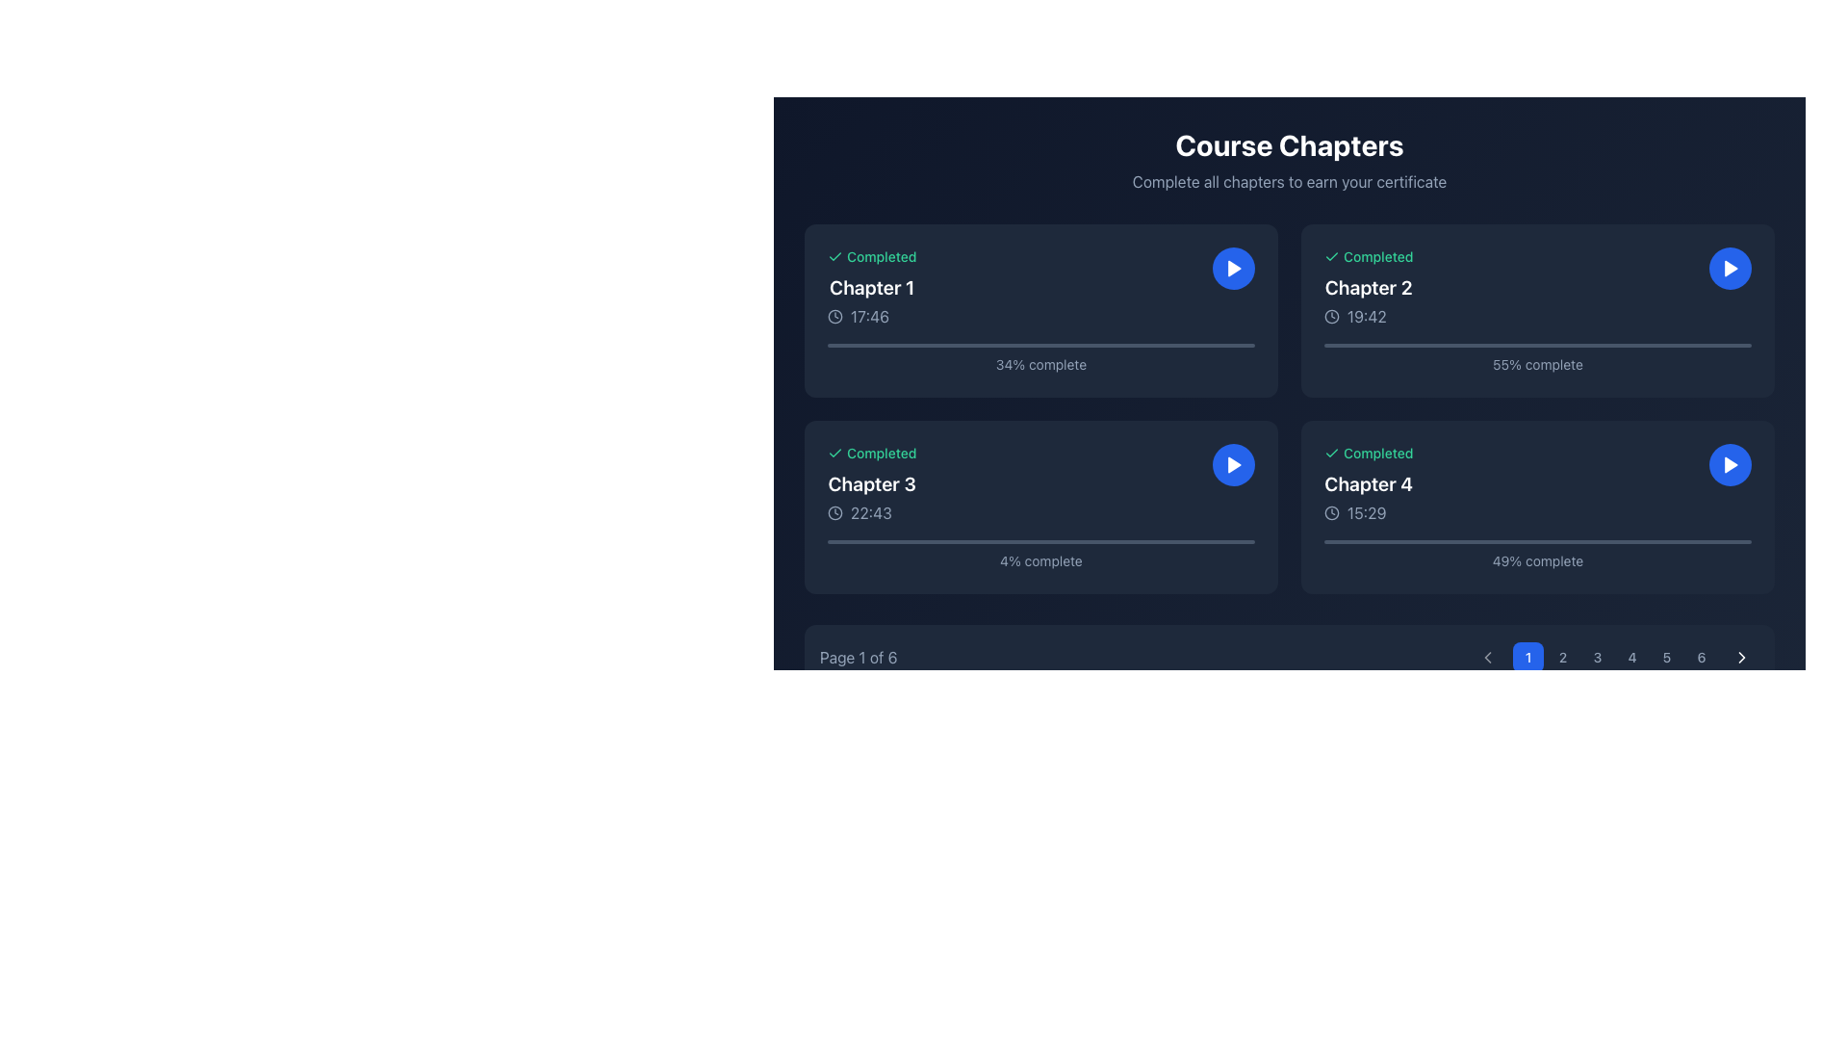  Describe the element at coordinates (858, 656) in the screenshot. I see `the text display showing 'Page 1 of 6', which is styled in light gray text against a dark background and located at the bottom-left corner of the interface` at that location.